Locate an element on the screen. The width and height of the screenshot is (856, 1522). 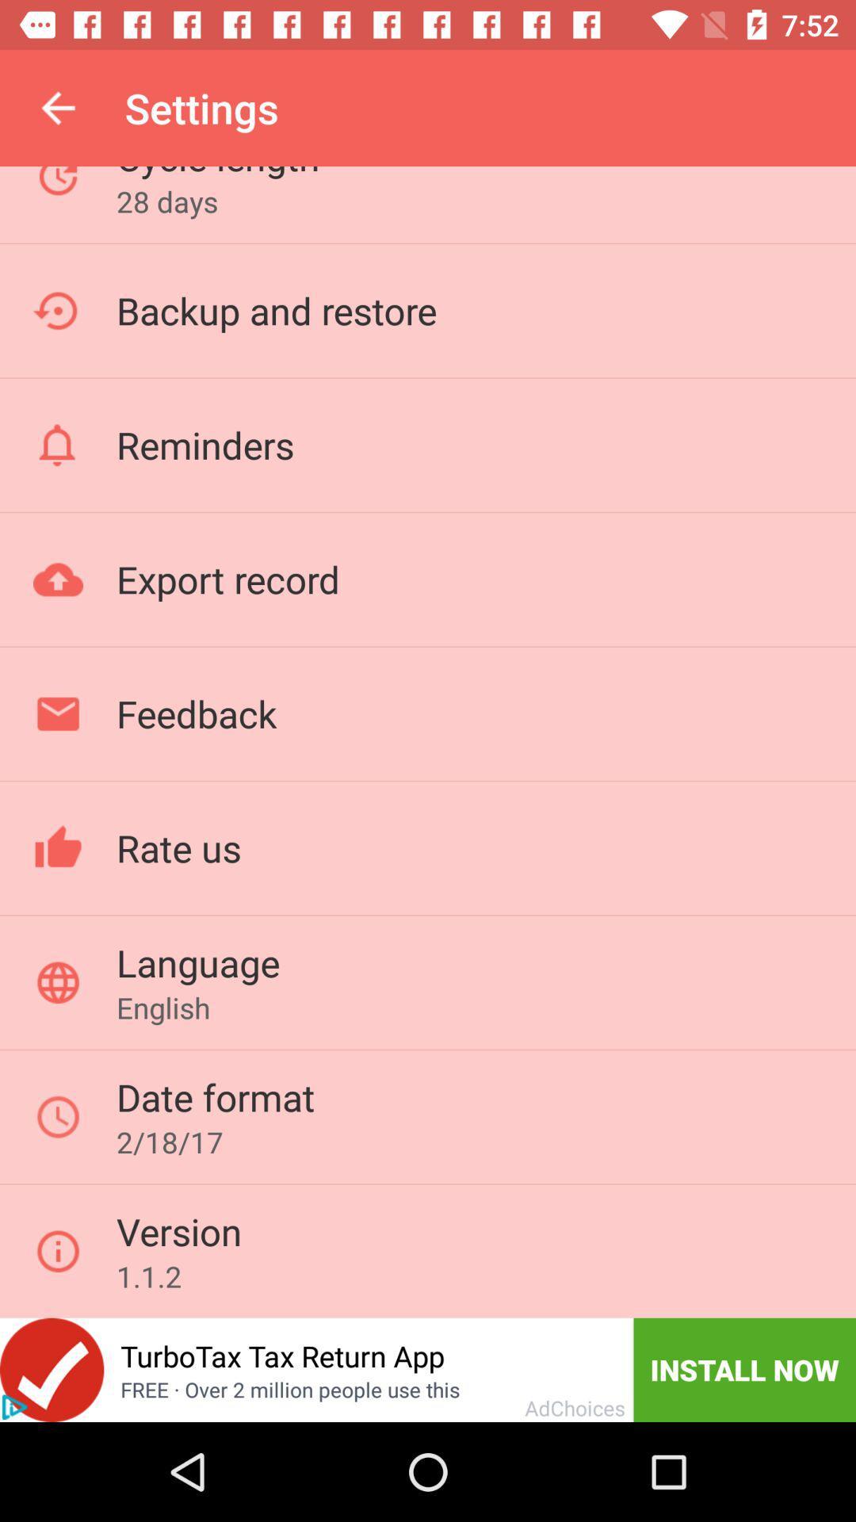
the export record icon is located at coordinates (228, 578).